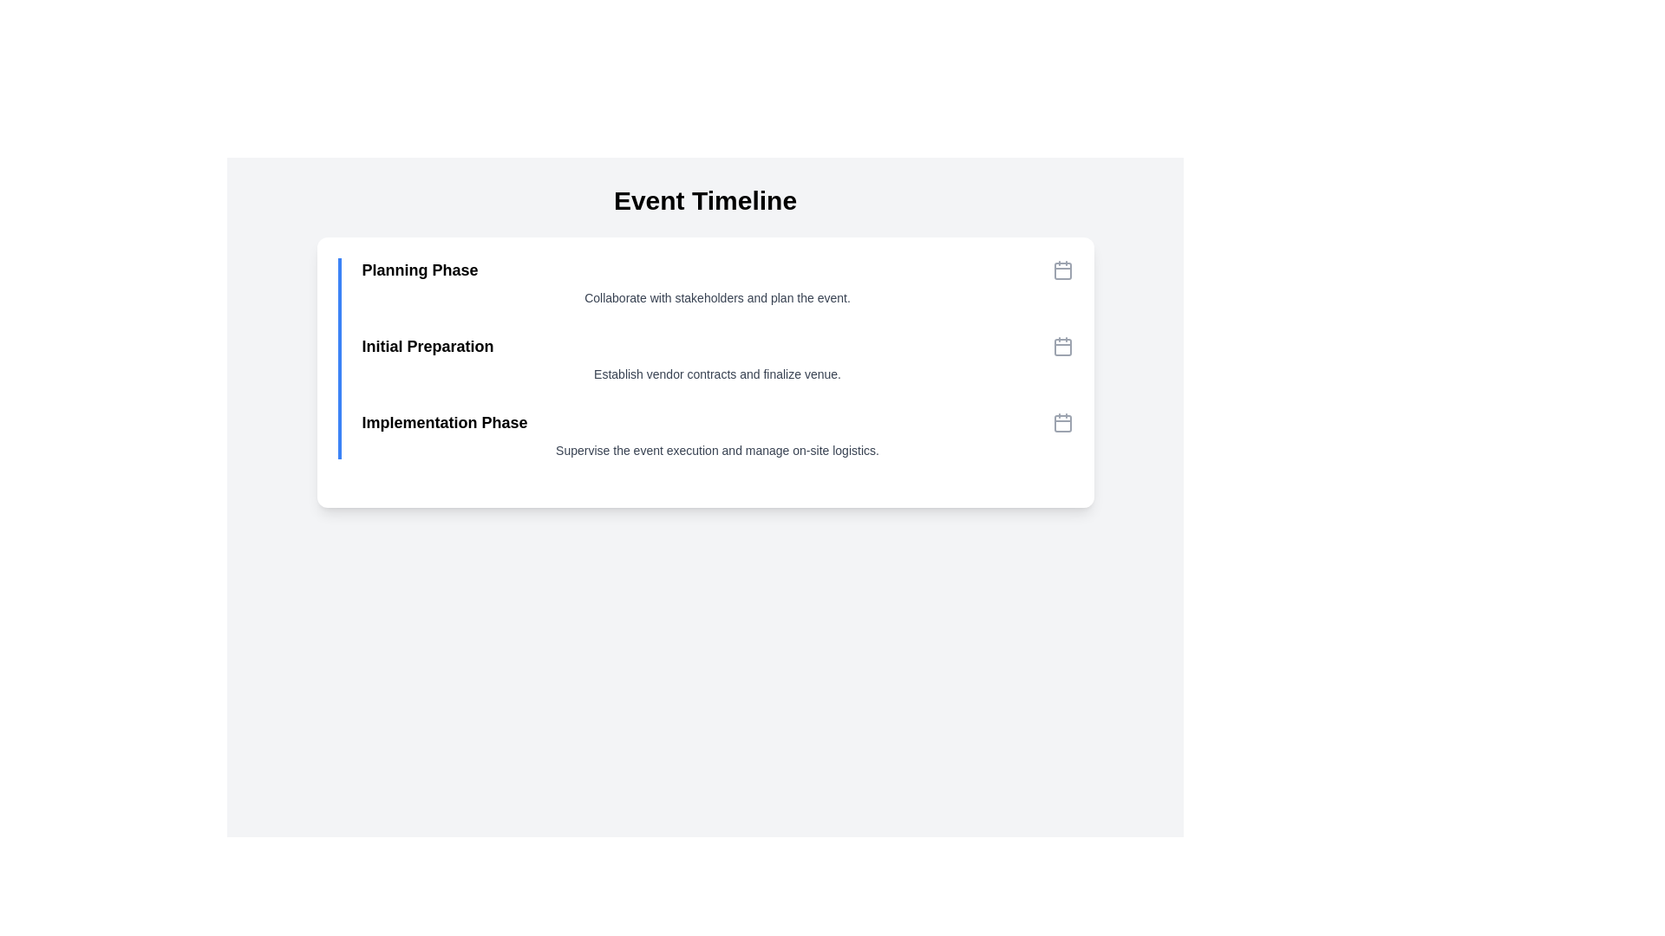 This screenshot has width=1665, height=936. Describe the element at coordinates (717, 296) in the screenshot. I see `the static text element reading 'Collaborate with stakeholders and plan the event.' which is located below the 'Planning Phase' header` at that location.